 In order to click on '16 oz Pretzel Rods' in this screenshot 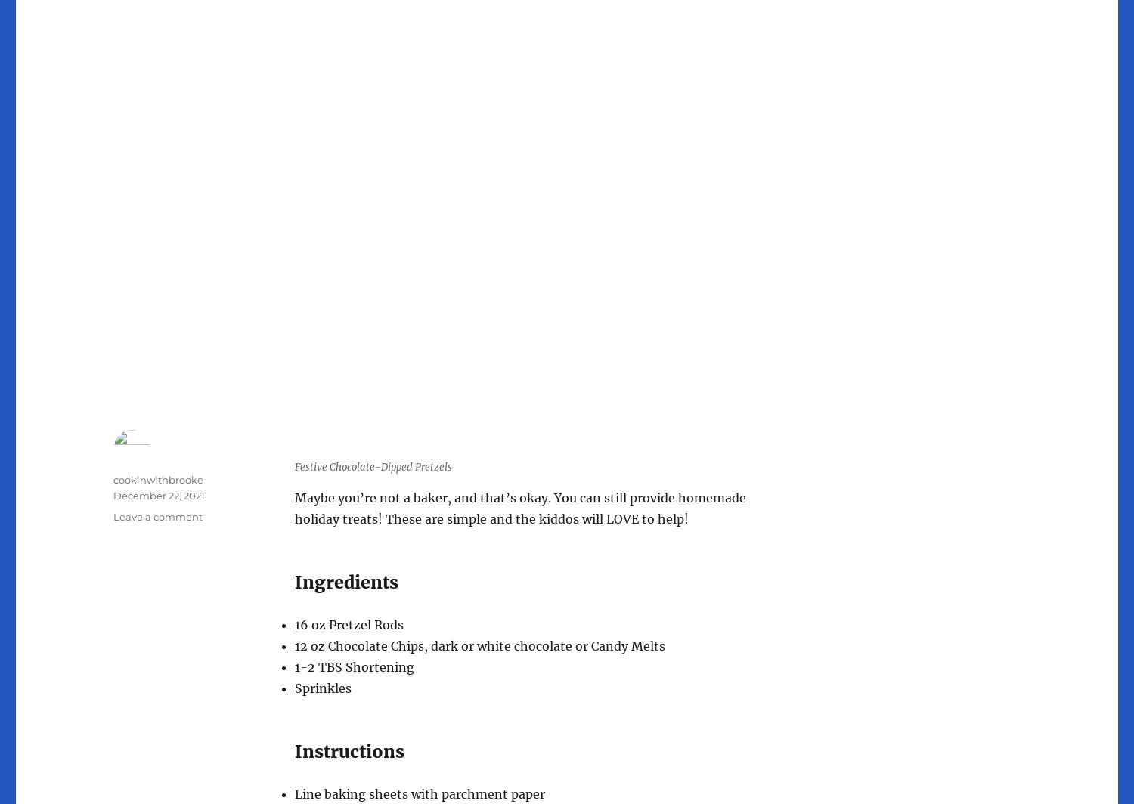, I will do `click(349, 625)`.